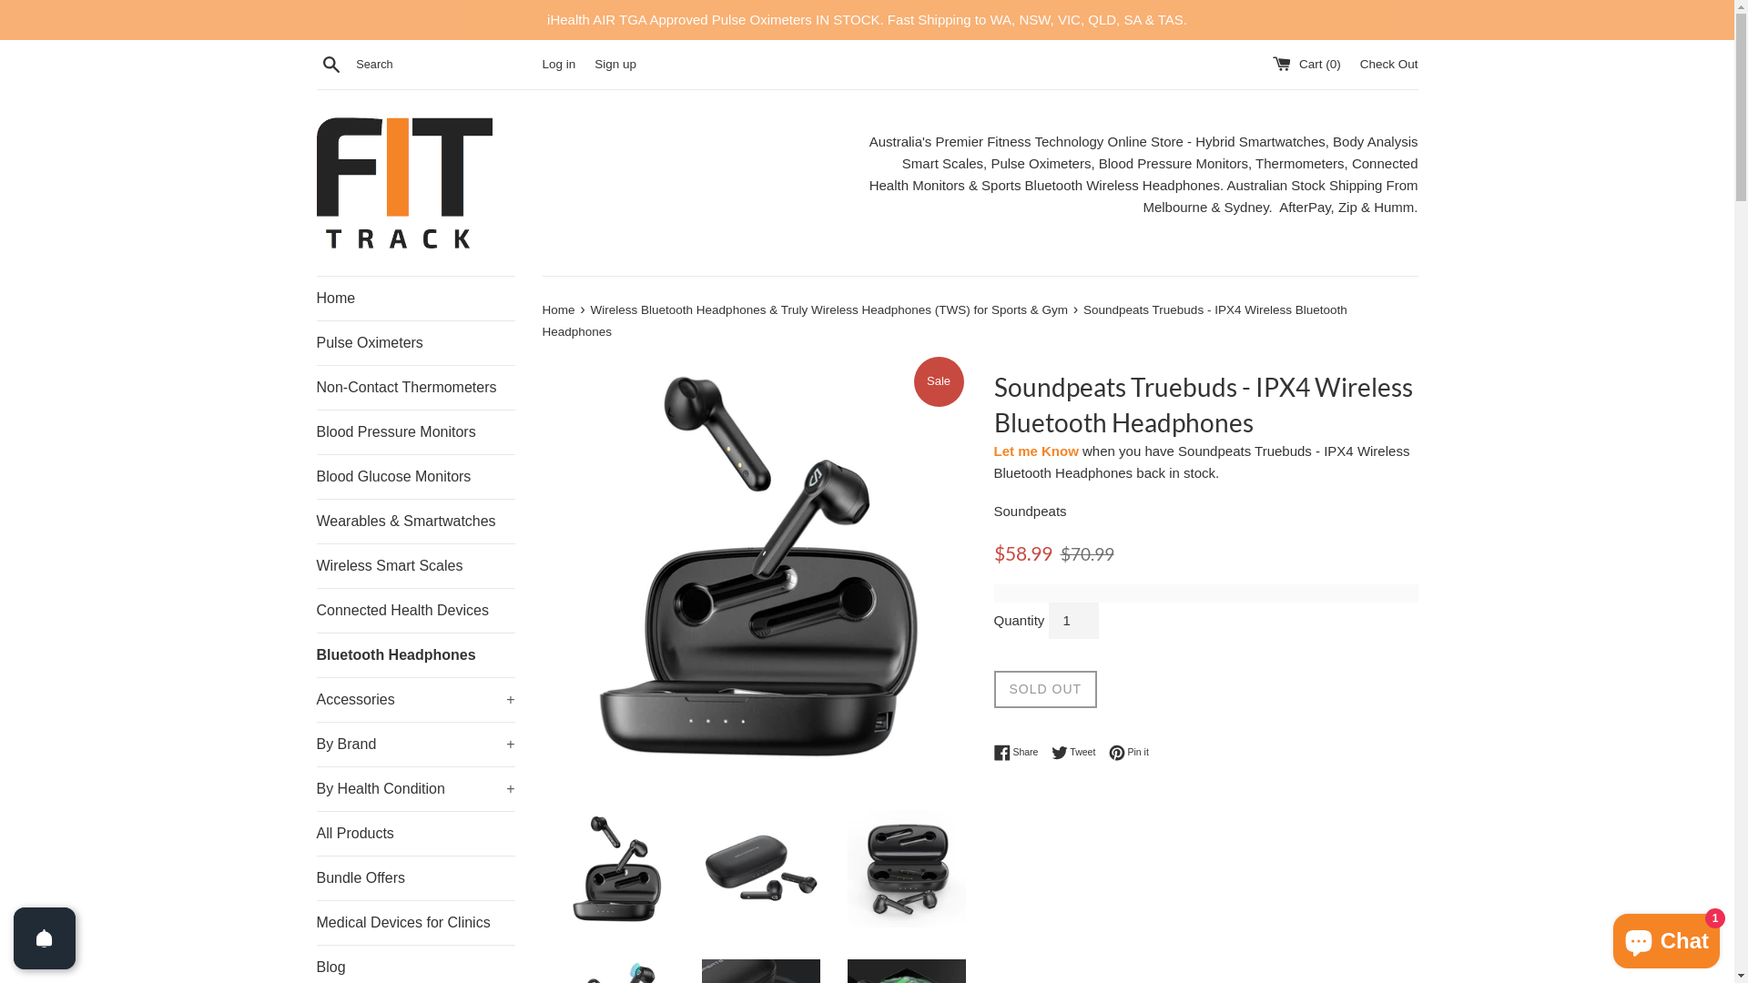  Describe the element at coordinates (1608, 937) in the screenshot. I see `'Shopify online store chat'` at that location.